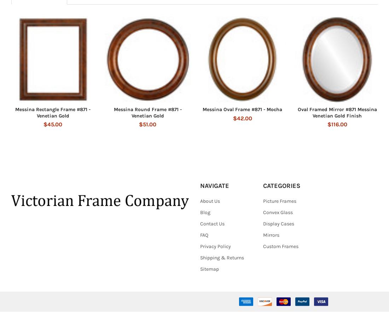 The width and height of the screenshot is (389, 322). Describe the element at coordinates (233, 128) in the screenshot. I see `'$42.00'` at that location.